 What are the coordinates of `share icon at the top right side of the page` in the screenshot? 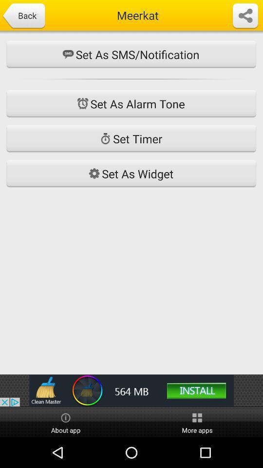 It's located at (244, 16).